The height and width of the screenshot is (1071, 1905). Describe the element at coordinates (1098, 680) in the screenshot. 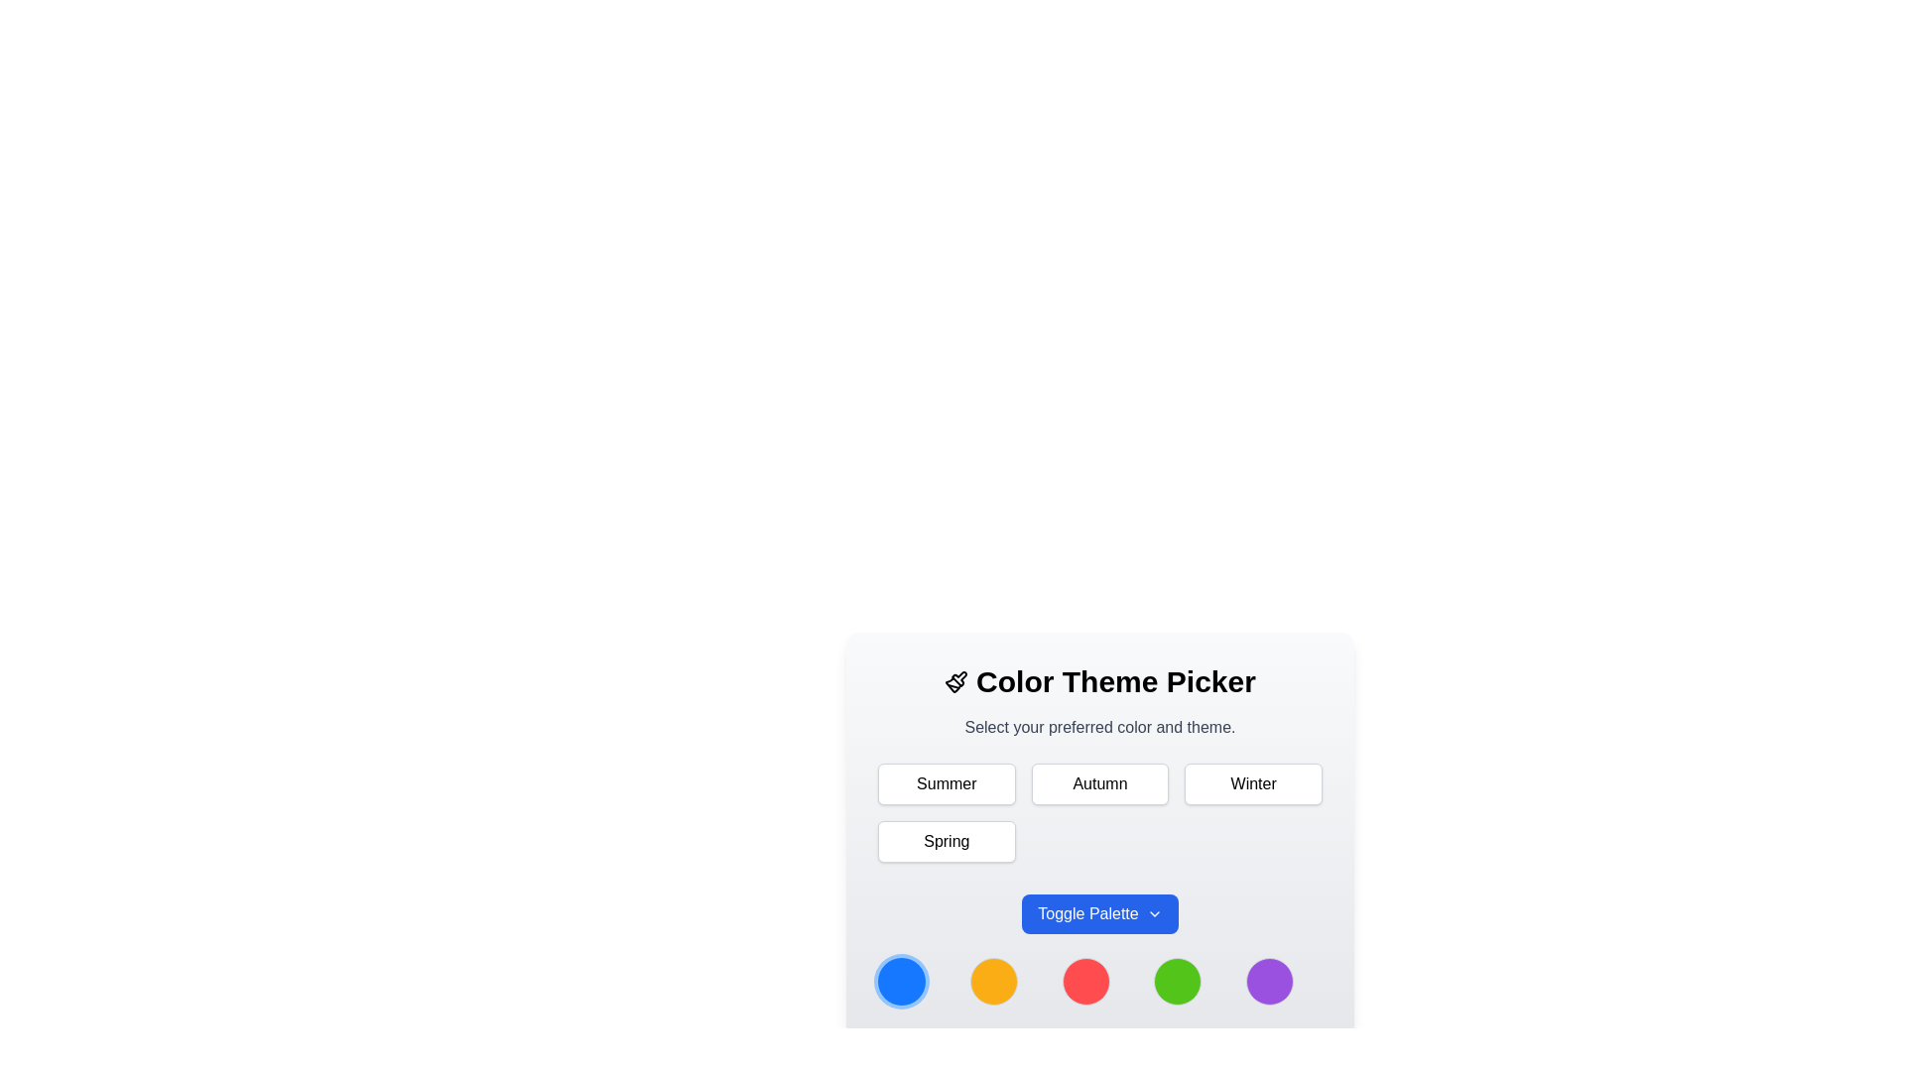

I see `the bold heading element that introduces the 'Color Theme Picker' feature for possible interaction` at that location.